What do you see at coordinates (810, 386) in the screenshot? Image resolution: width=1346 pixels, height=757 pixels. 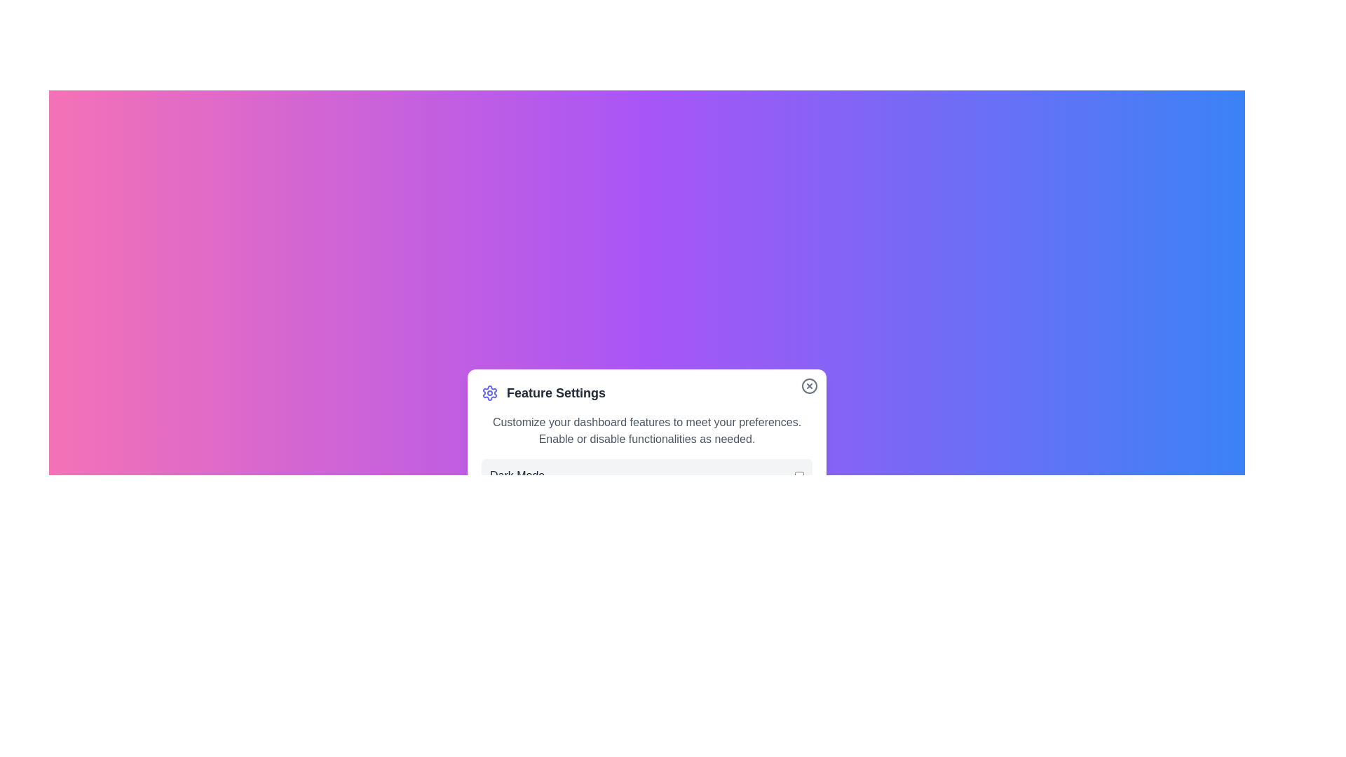 I see `the close button, which is represented by a circular decorative component within a cross-shaped icon located at the top-right corner of the settings interface` at bounding box center [810, 386].